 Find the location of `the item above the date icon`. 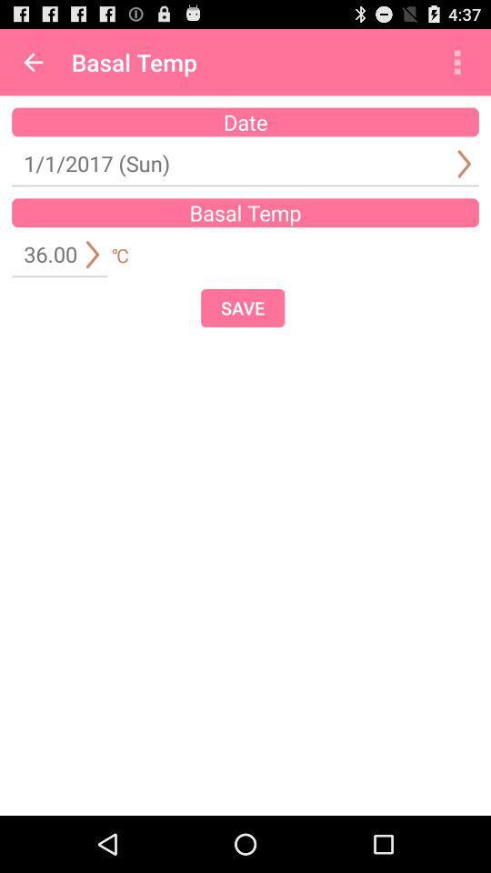

the item above the date icon is located at coordinates (456, 62).